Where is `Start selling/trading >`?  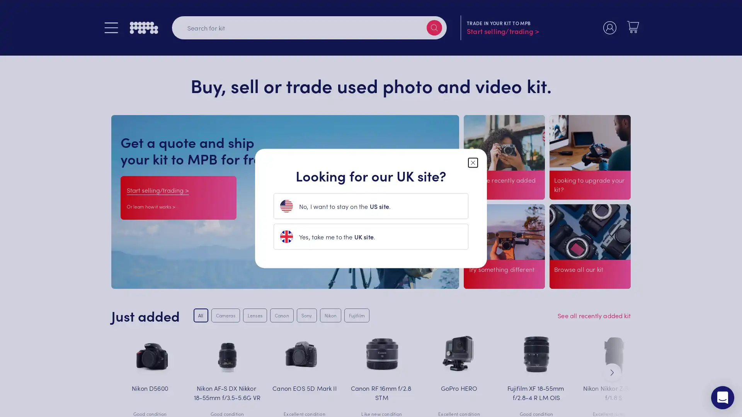
Start selling/trading > is located at coordinates (157, 190).